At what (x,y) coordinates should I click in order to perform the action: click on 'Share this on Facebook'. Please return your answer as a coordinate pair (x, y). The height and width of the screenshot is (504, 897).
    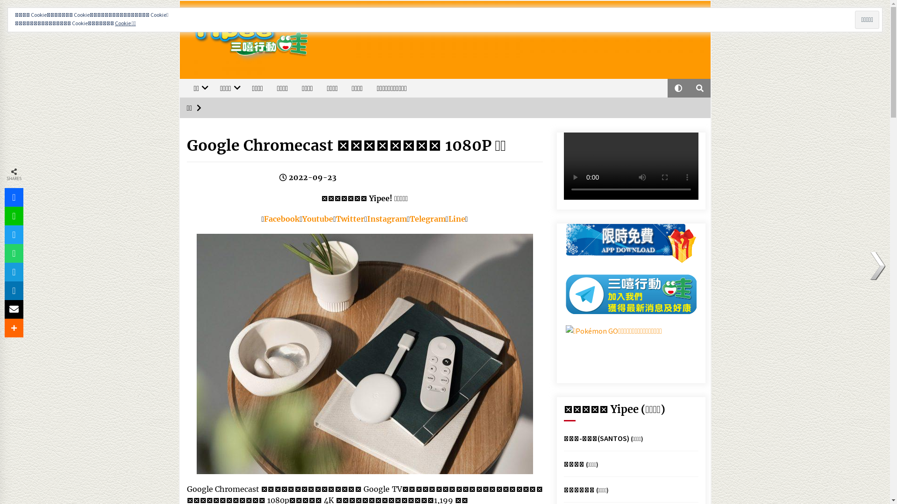
    Looking at the image, I should click on (14, 197).